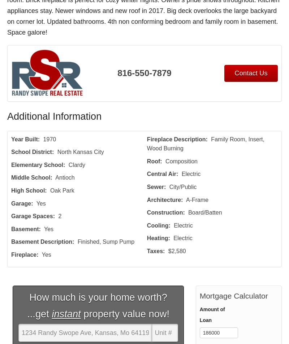 Image resolution: width=289 pixels, height=344 pixels. What do you see at coordinates (146, 173) in the screenshot?
I see `'Central Air'` at bounding box center [146, 173].